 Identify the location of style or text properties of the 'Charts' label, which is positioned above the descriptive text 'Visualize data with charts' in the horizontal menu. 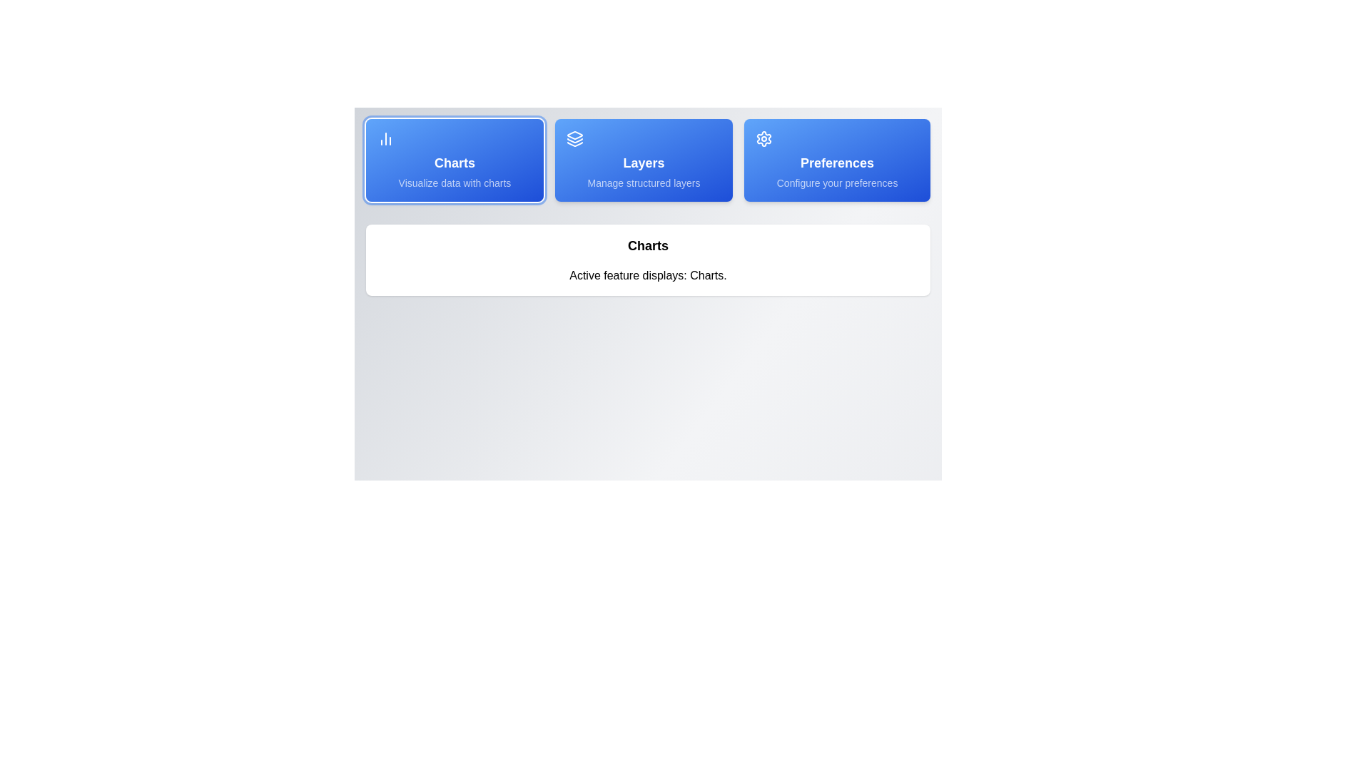
(454, 162).